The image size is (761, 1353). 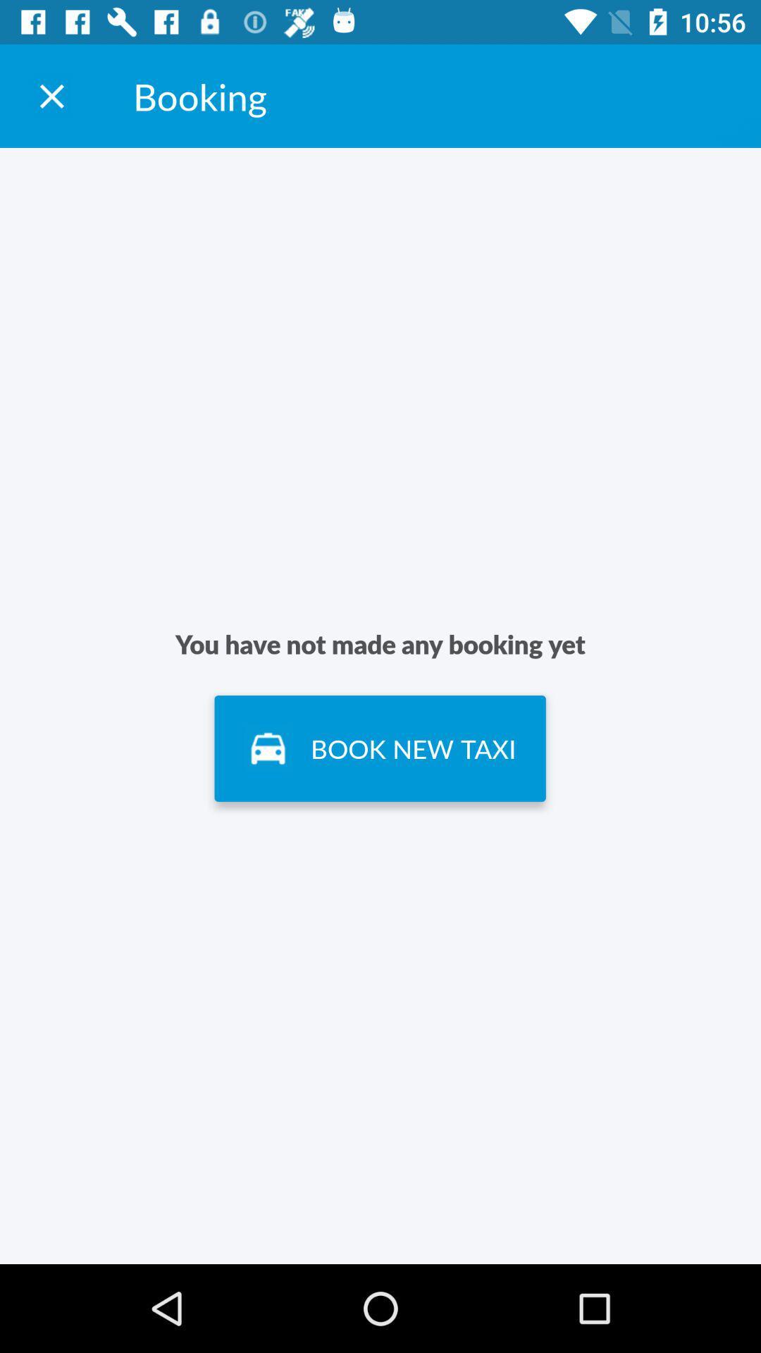 I want to click on the item above the you have not, so click(x=51, y=95).